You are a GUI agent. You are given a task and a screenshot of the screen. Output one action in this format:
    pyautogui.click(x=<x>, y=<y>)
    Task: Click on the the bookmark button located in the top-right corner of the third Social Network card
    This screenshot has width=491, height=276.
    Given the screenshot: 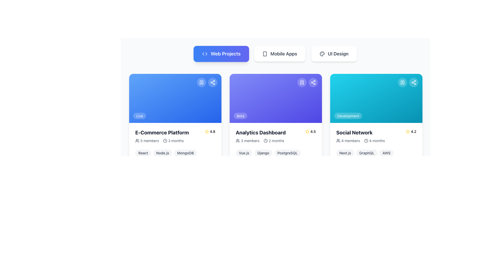 What is the action you would take?
    pyautogui.click(x=402, y=82)
    